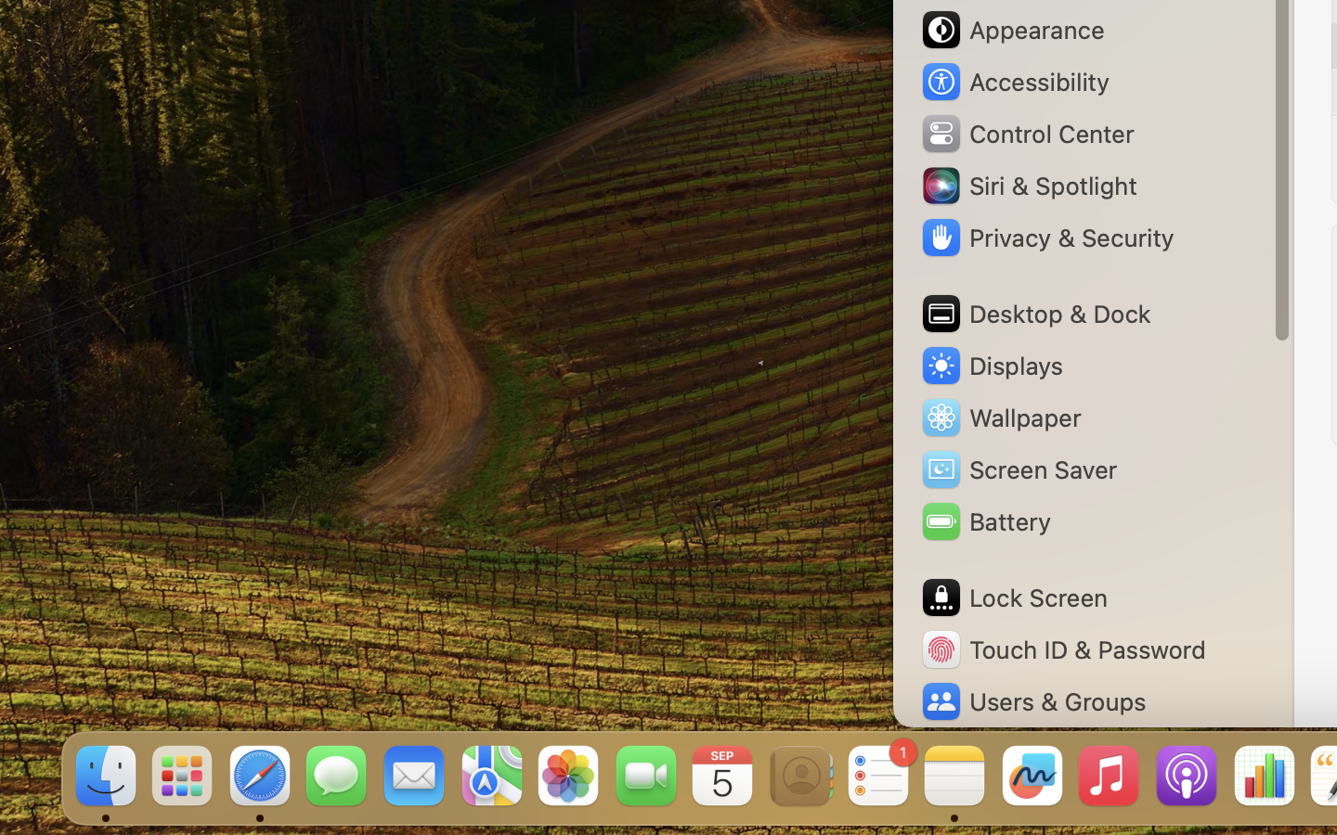 The height and width of the screenshot is (835, 1337). Describe the element at coordinates (1062, 649) in the screenshot. I see `'Touch ID & Password'` at that location.